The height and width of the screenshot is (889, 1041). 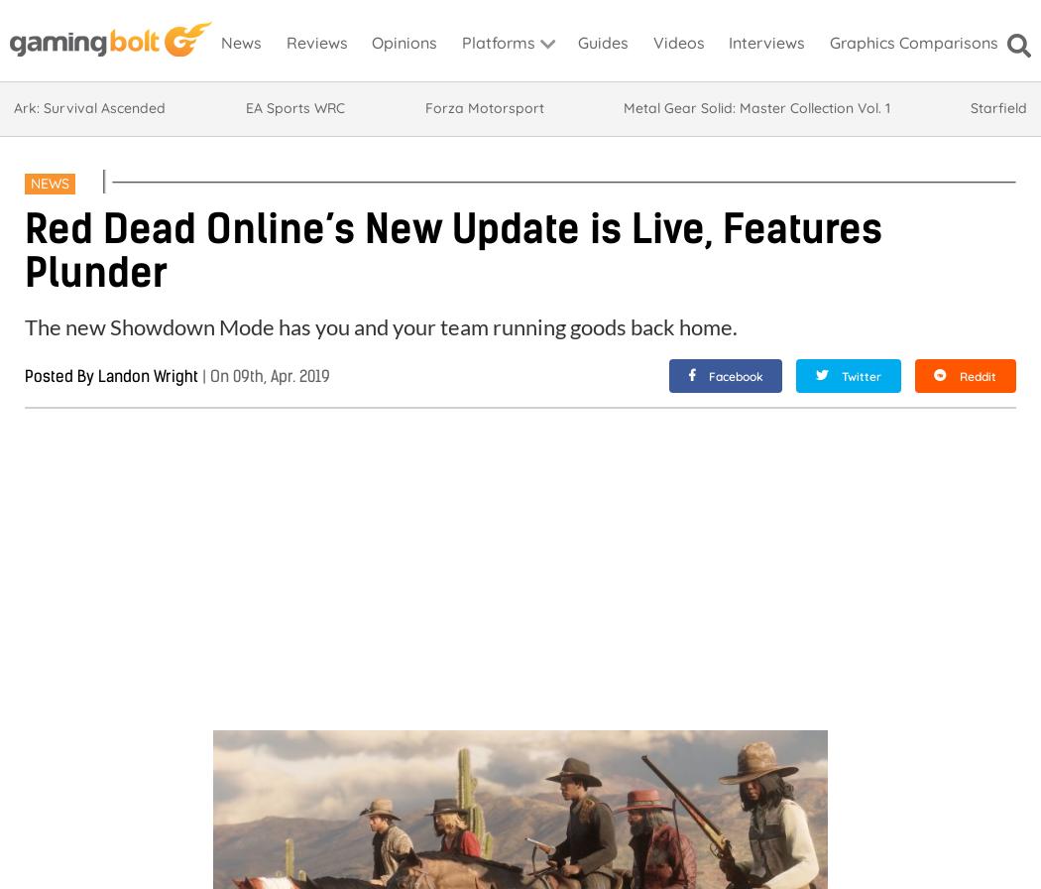 I want to click on 'Guides', so click(x=602, y=42).